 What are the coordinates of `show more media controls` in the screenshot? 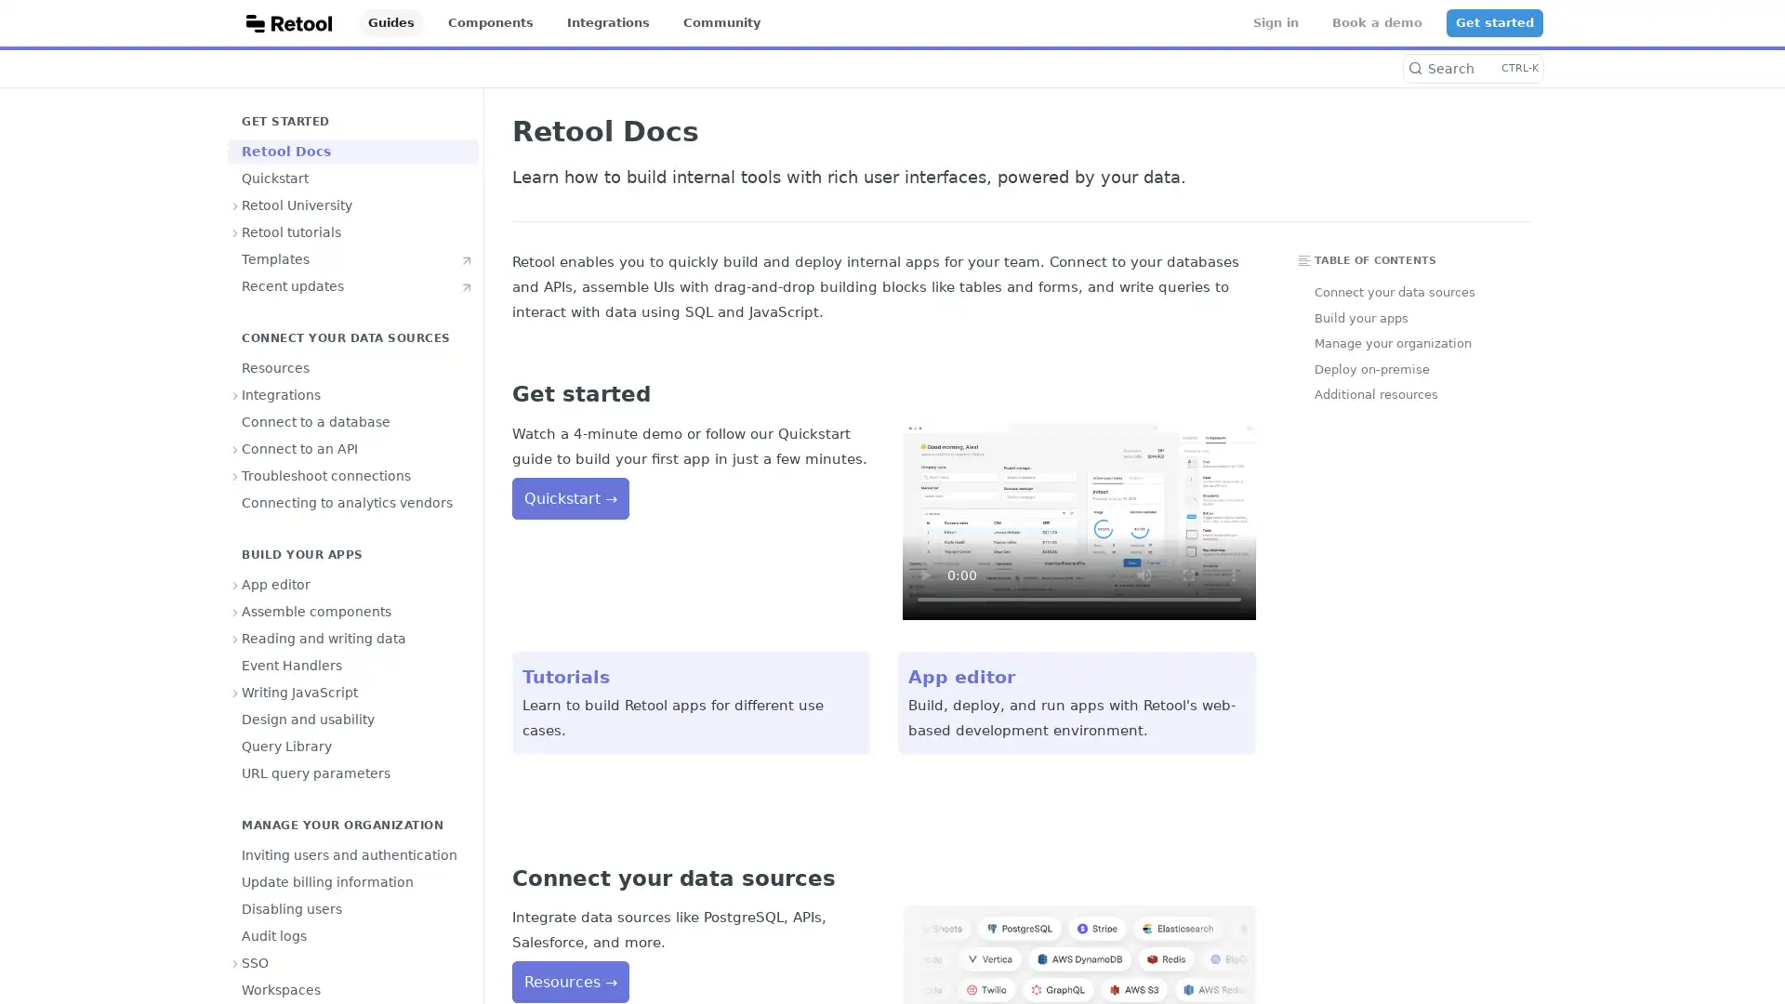 It's located at (1233, 574).